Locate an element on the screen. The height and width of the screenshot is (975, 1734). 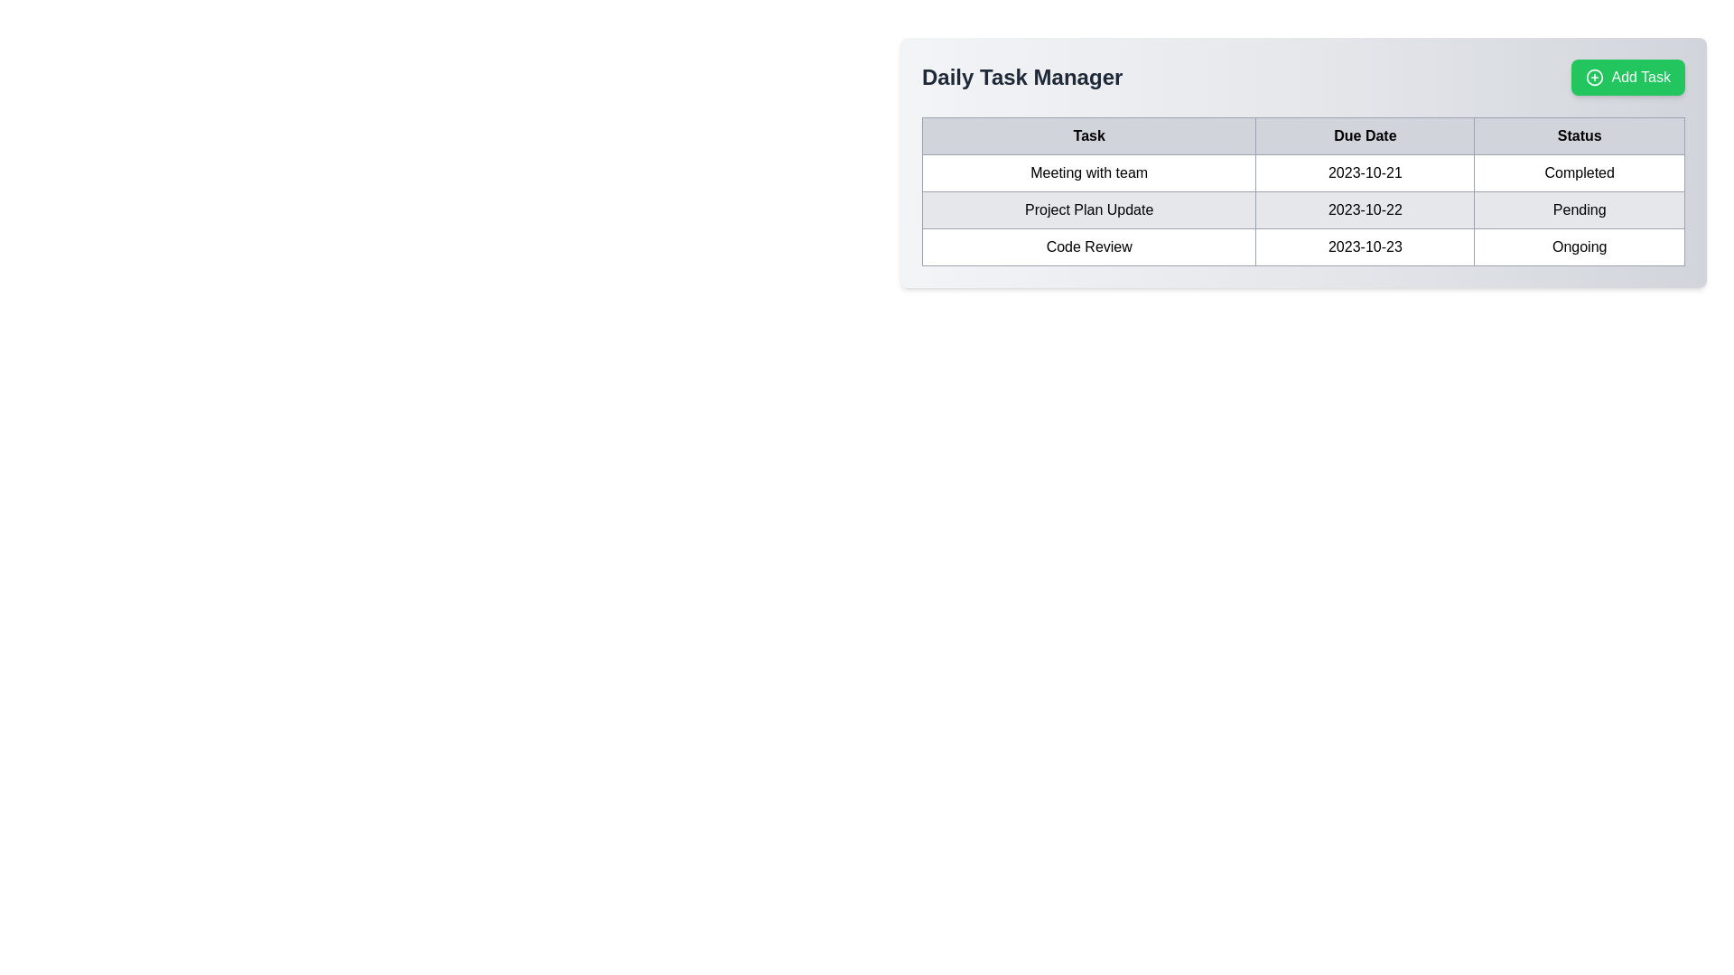
the non-interactive text label displaying the task name in the first column of the third row in the 'Daily Task Manager' table is located at coordinates (1088, 246).